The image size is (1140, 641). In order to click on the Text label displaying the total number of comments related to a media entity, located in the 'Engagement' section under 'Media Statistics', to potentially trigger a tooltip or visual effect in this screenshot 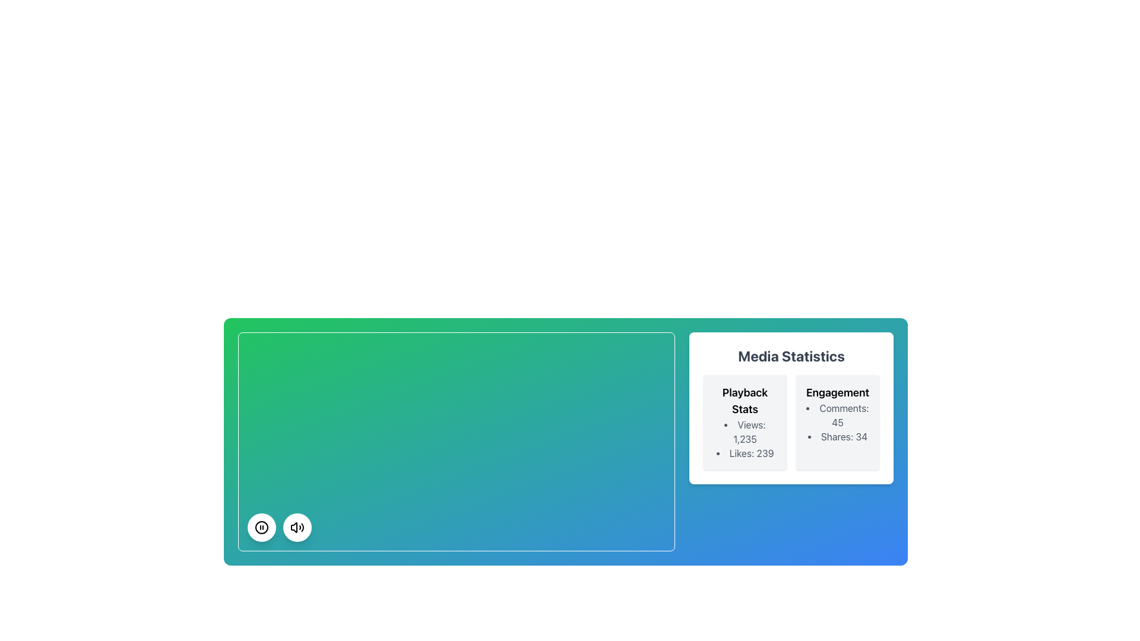, I will do `click(837, 414)`.